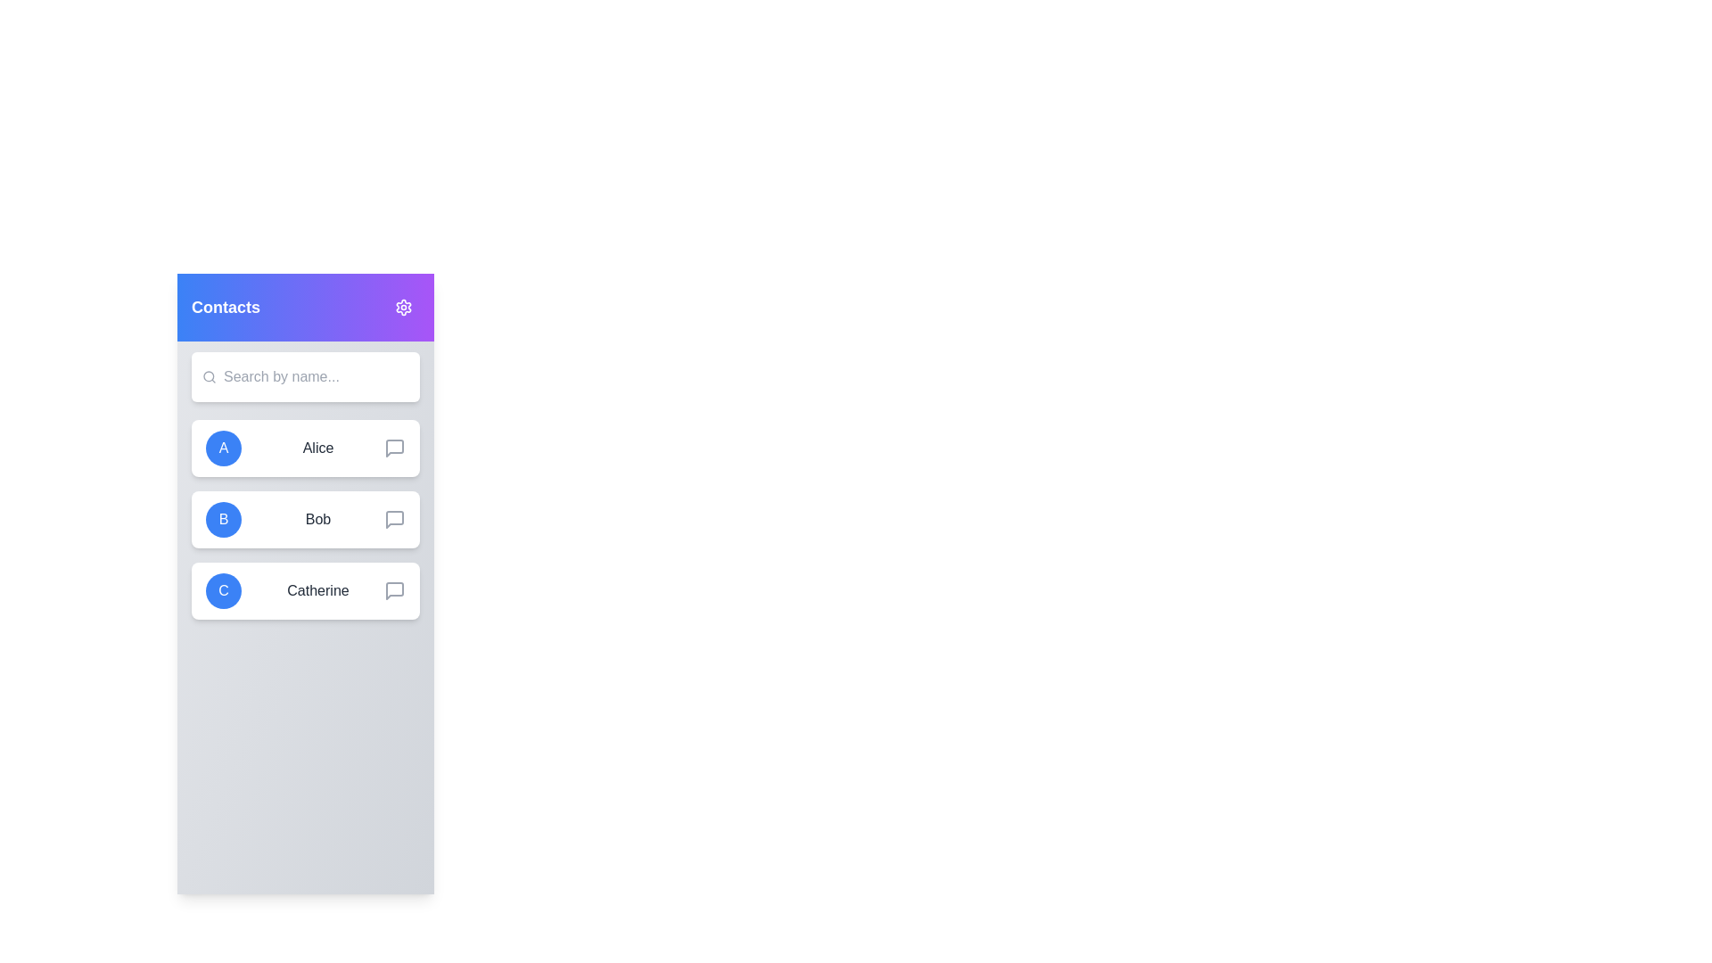  I want to click on the avatar of Alice, so click(222, 447).